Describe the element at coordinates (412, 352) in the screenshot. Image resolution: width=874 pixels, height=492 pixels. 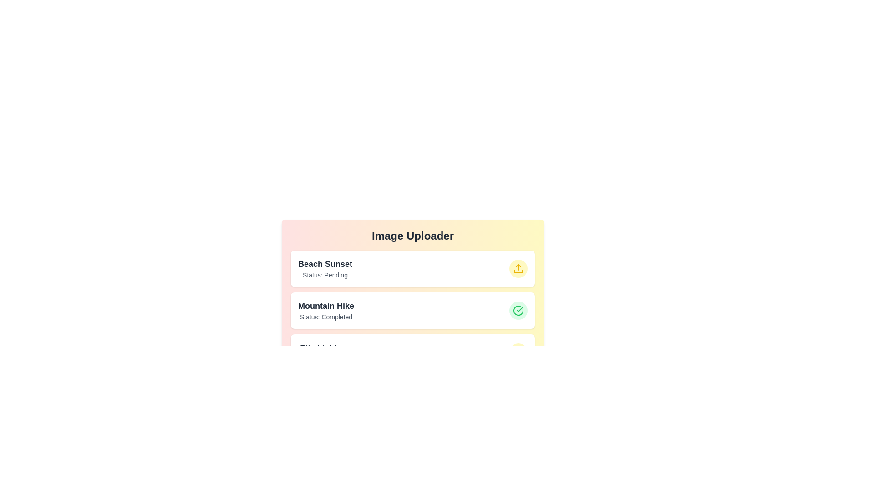
I see `the image item corresponding to City Lights to view its details` at that location.